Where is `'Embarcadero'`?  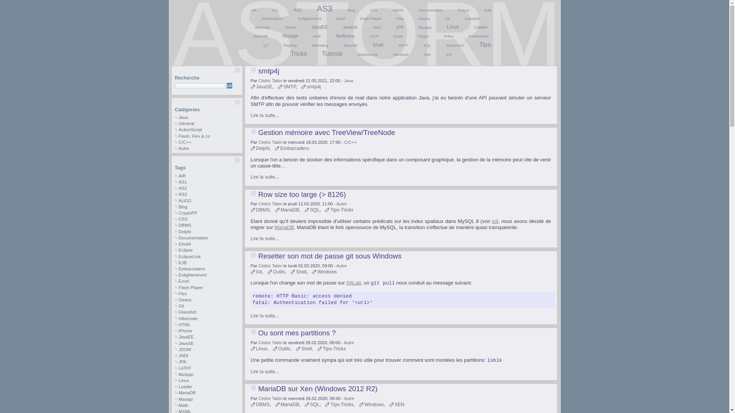 'Embarcadero' is located at coordinates (272, 18).